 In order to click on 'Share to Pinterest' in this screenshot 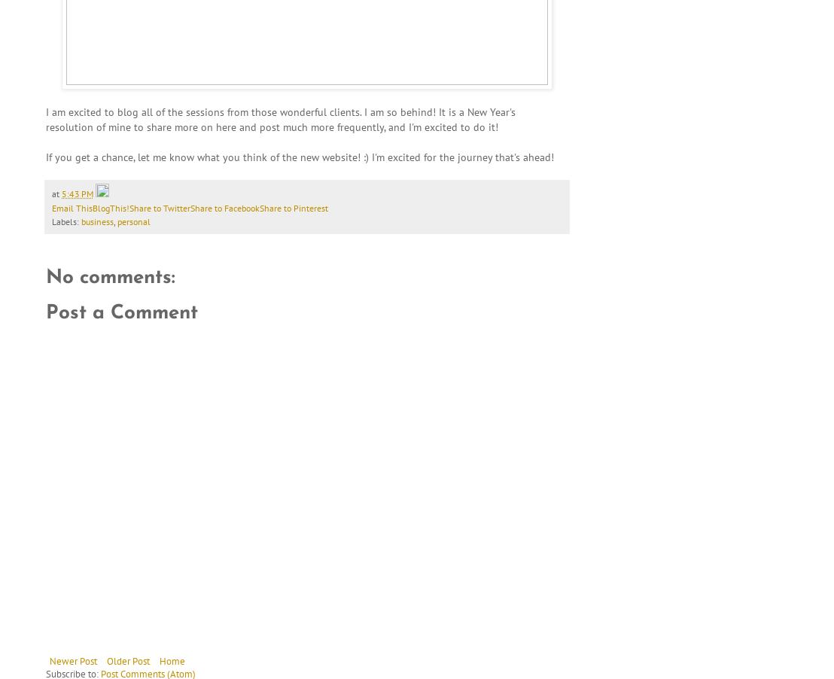, I will do `click(294, 207)`.